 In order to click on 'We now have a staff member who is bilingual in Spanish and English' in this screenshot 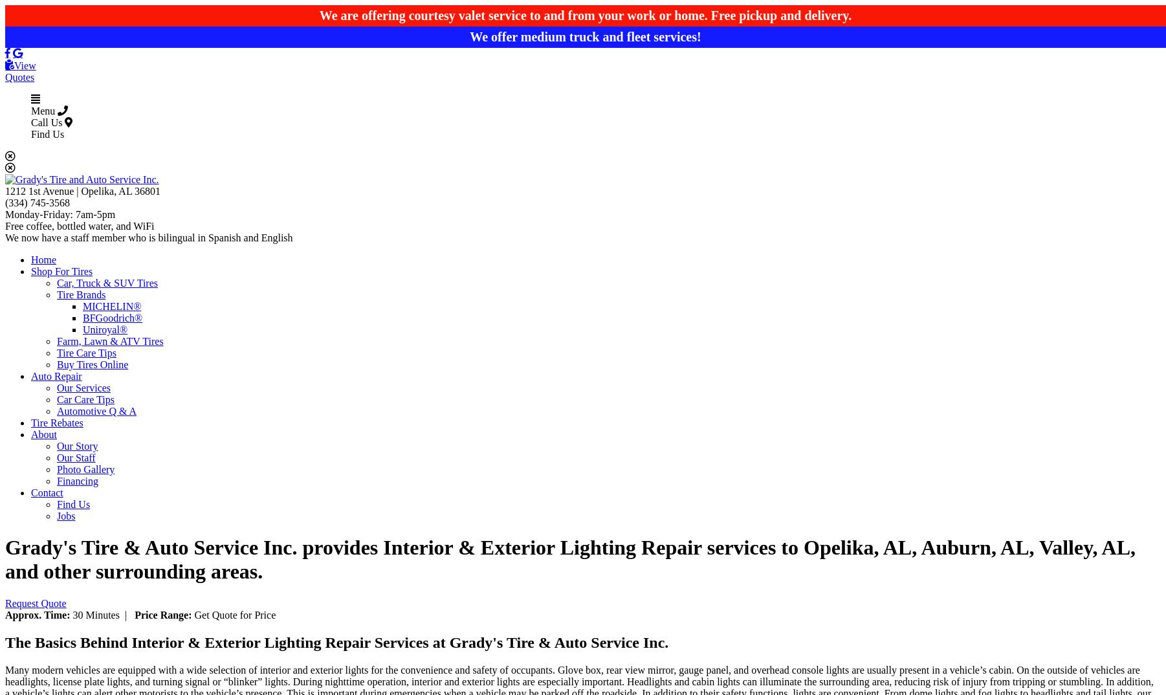, I will do `click(148, 237)`.